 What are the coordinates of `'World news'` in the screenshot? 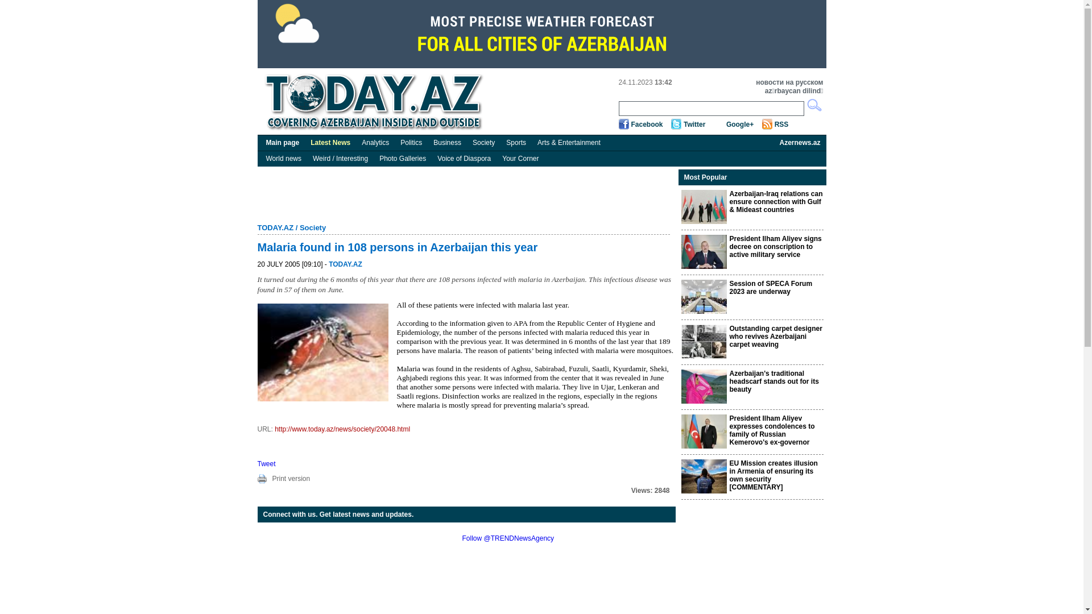 It's located at (284, 158).